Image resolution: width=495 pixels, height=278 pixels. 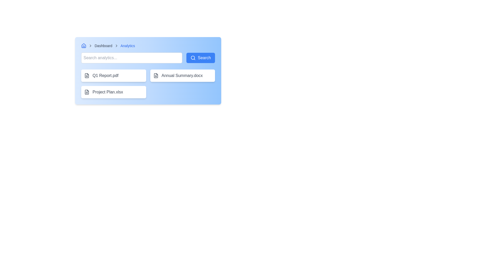 I want to click on the 'Analytics' text label in the breadcrumb navigation bar, which is styled with the 'text-blue-600' class and located at the top section of the card interface, so click(x=128, y=45).